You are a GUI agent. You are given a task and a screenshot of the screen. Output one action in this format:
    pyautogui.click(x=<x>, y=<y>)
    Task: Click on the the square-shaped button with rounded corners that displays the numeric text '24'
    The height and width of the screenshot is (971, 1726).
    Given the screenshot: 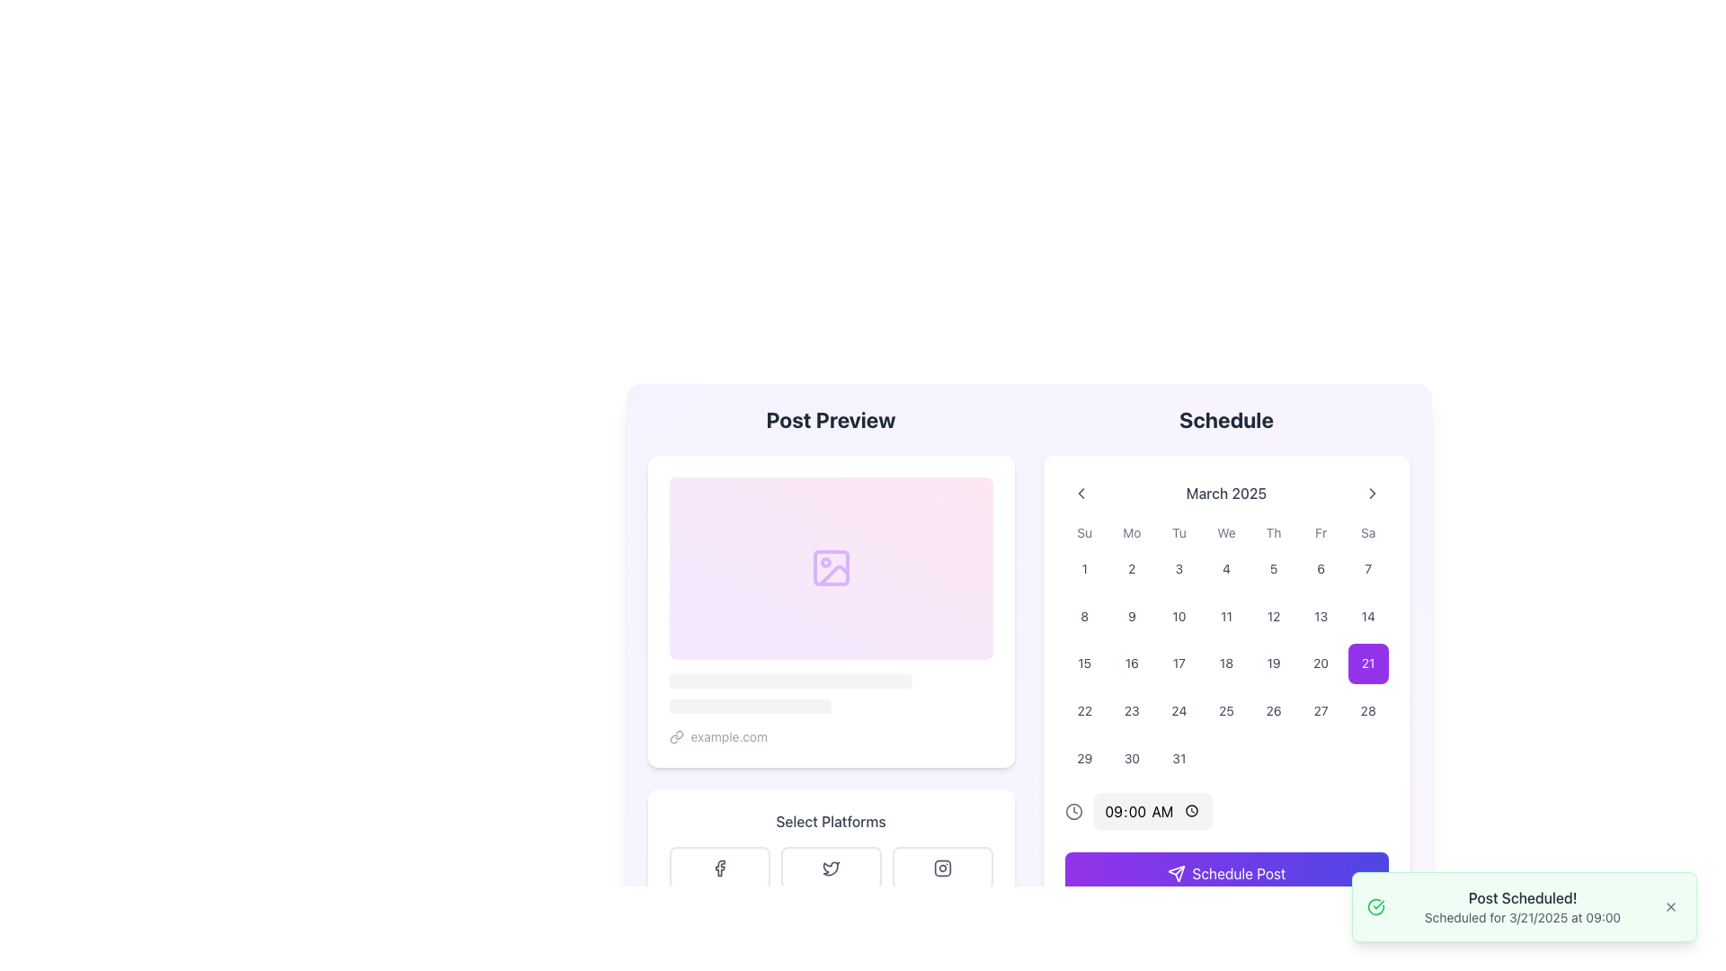 What is the action you would take?
    pyautogui.click(x=1179, y=709)
    